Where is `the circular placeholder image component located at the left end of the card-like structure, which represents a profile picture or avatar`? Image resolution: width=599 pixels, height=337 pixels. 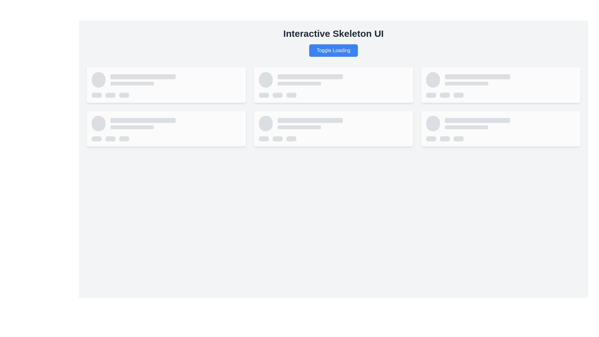 the circular placeholder image component located at the left end of the card-like structure, which represents a profile picture or avatar is located at coordinates (265, 124).